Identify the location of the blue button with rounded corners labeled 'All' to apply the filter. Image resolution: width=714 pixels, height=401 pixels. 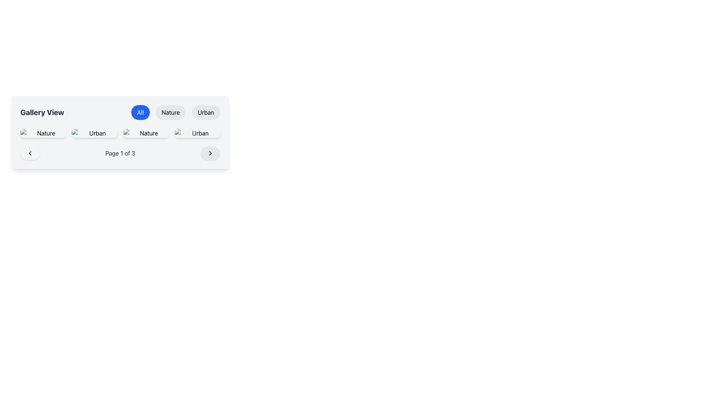
(140, 113).